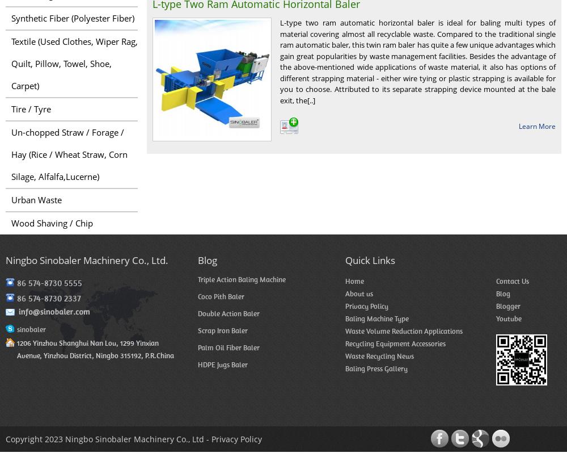  I want to click on 'Coco Pith Baler', so click(221, 296).